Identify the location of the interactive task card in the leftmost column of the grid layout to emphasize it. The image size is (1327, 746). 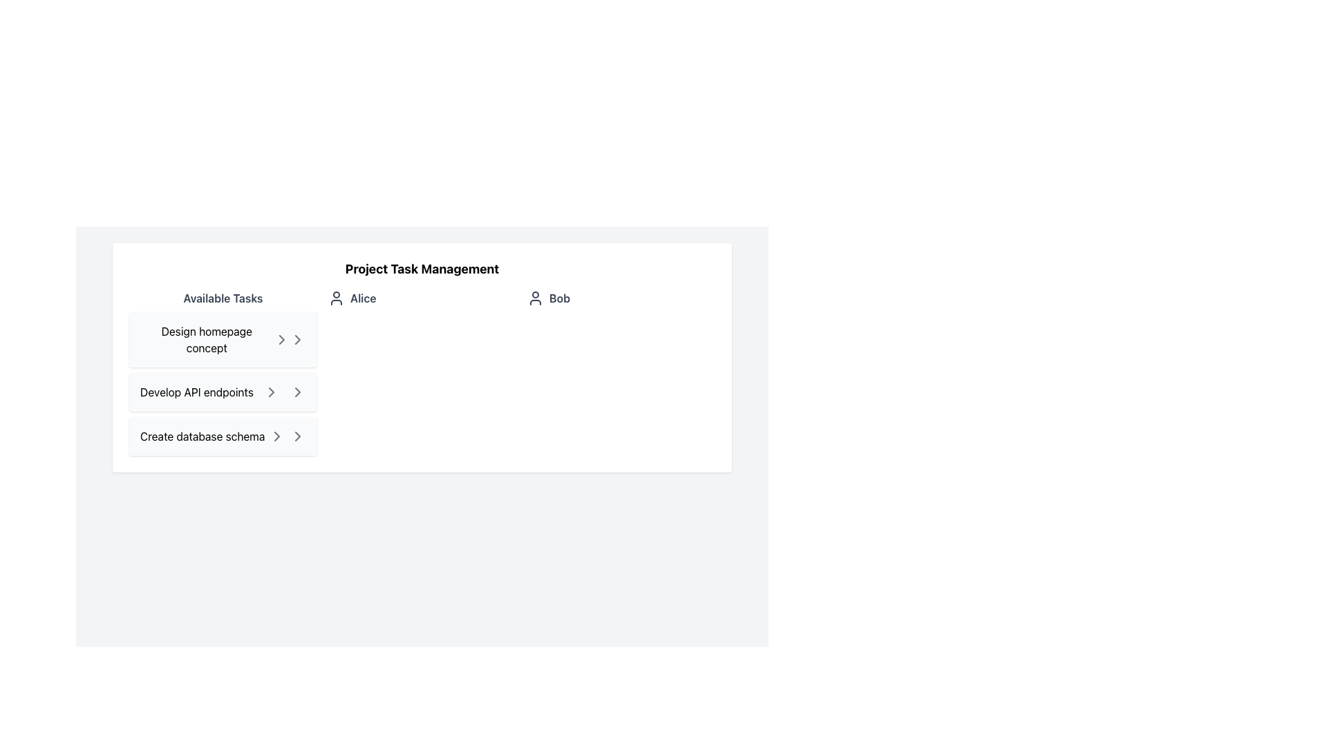
(223, 373).